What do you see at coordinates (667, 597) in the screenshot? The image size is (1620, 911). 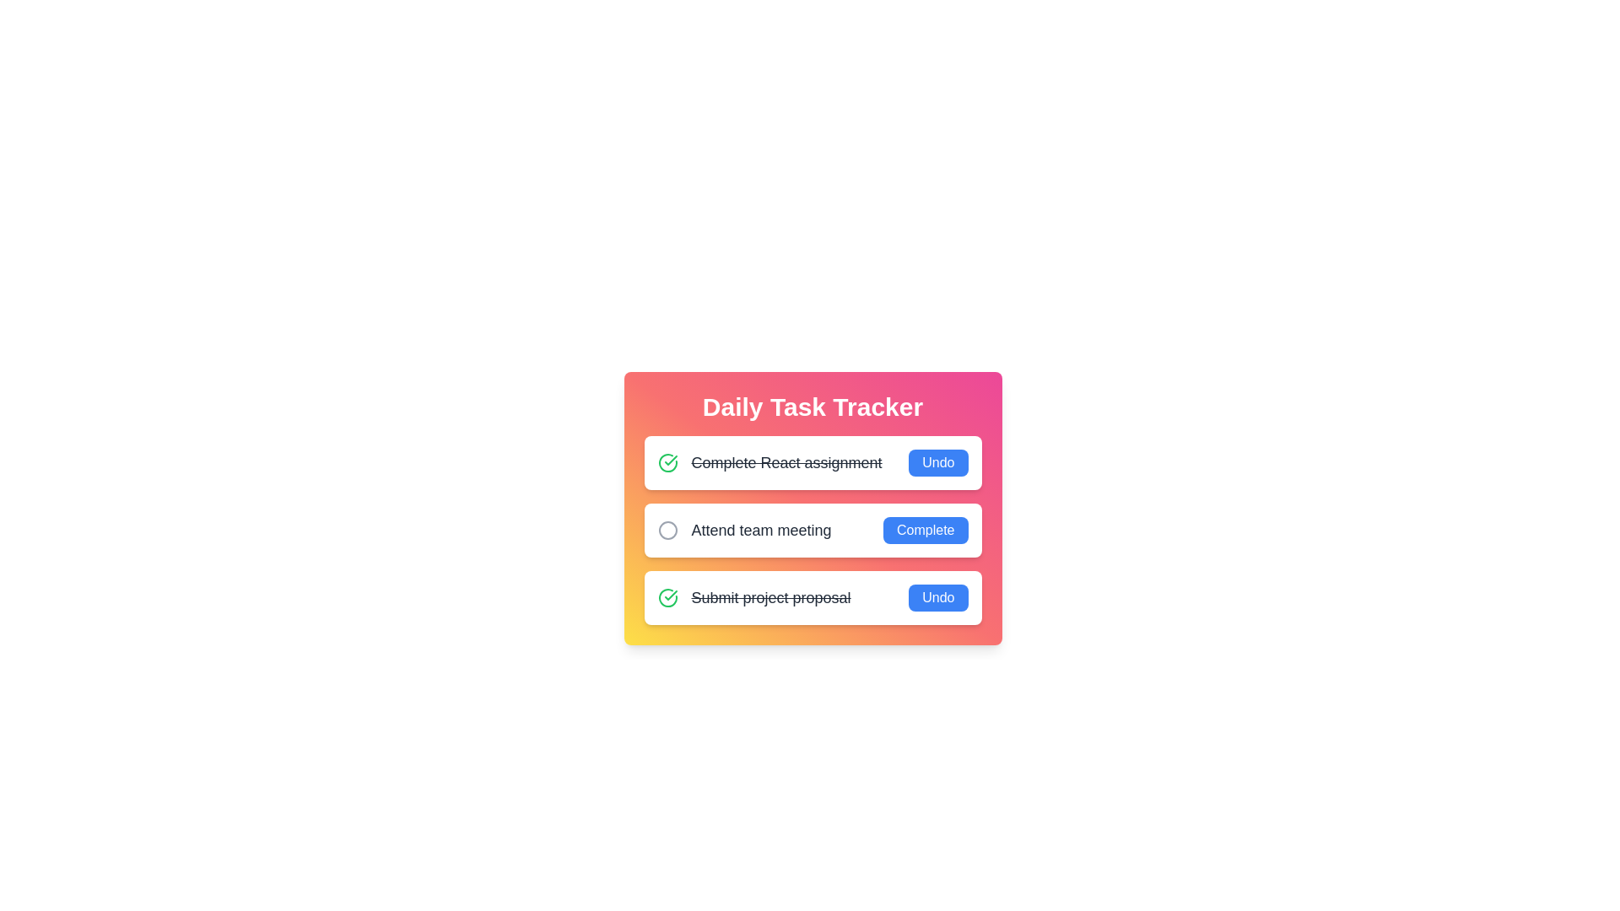 I see `the completion status icon for Submit project proposal` at bounding box center [667, 597].